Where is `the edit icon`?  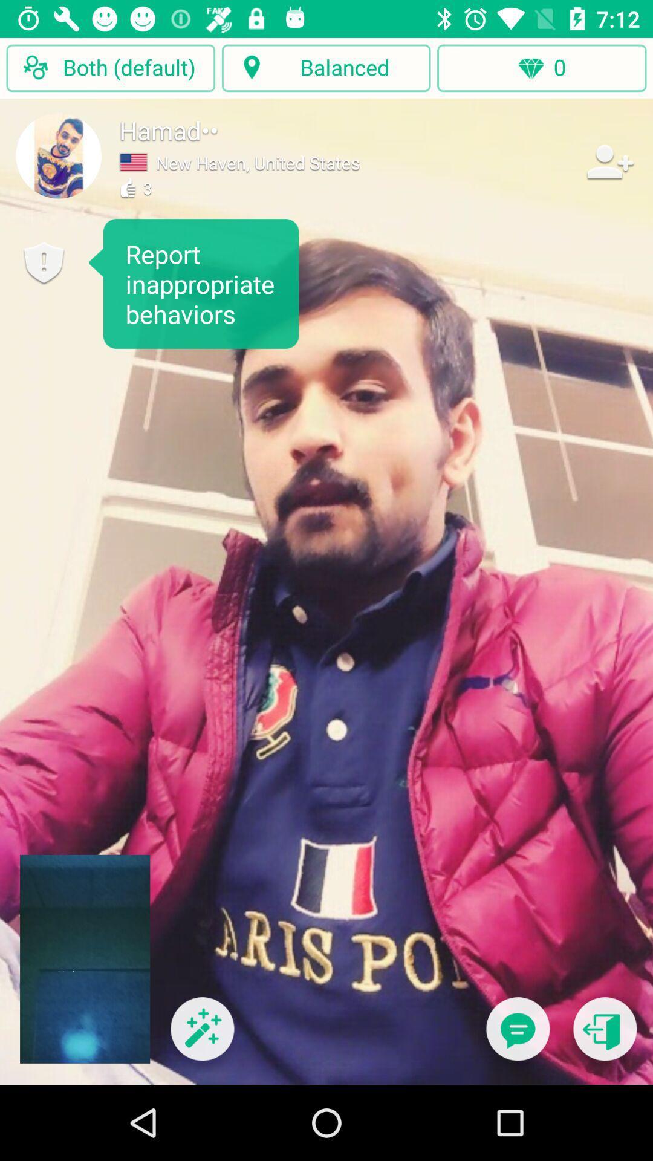 the edit icon is located at coordinates (201, 1036).